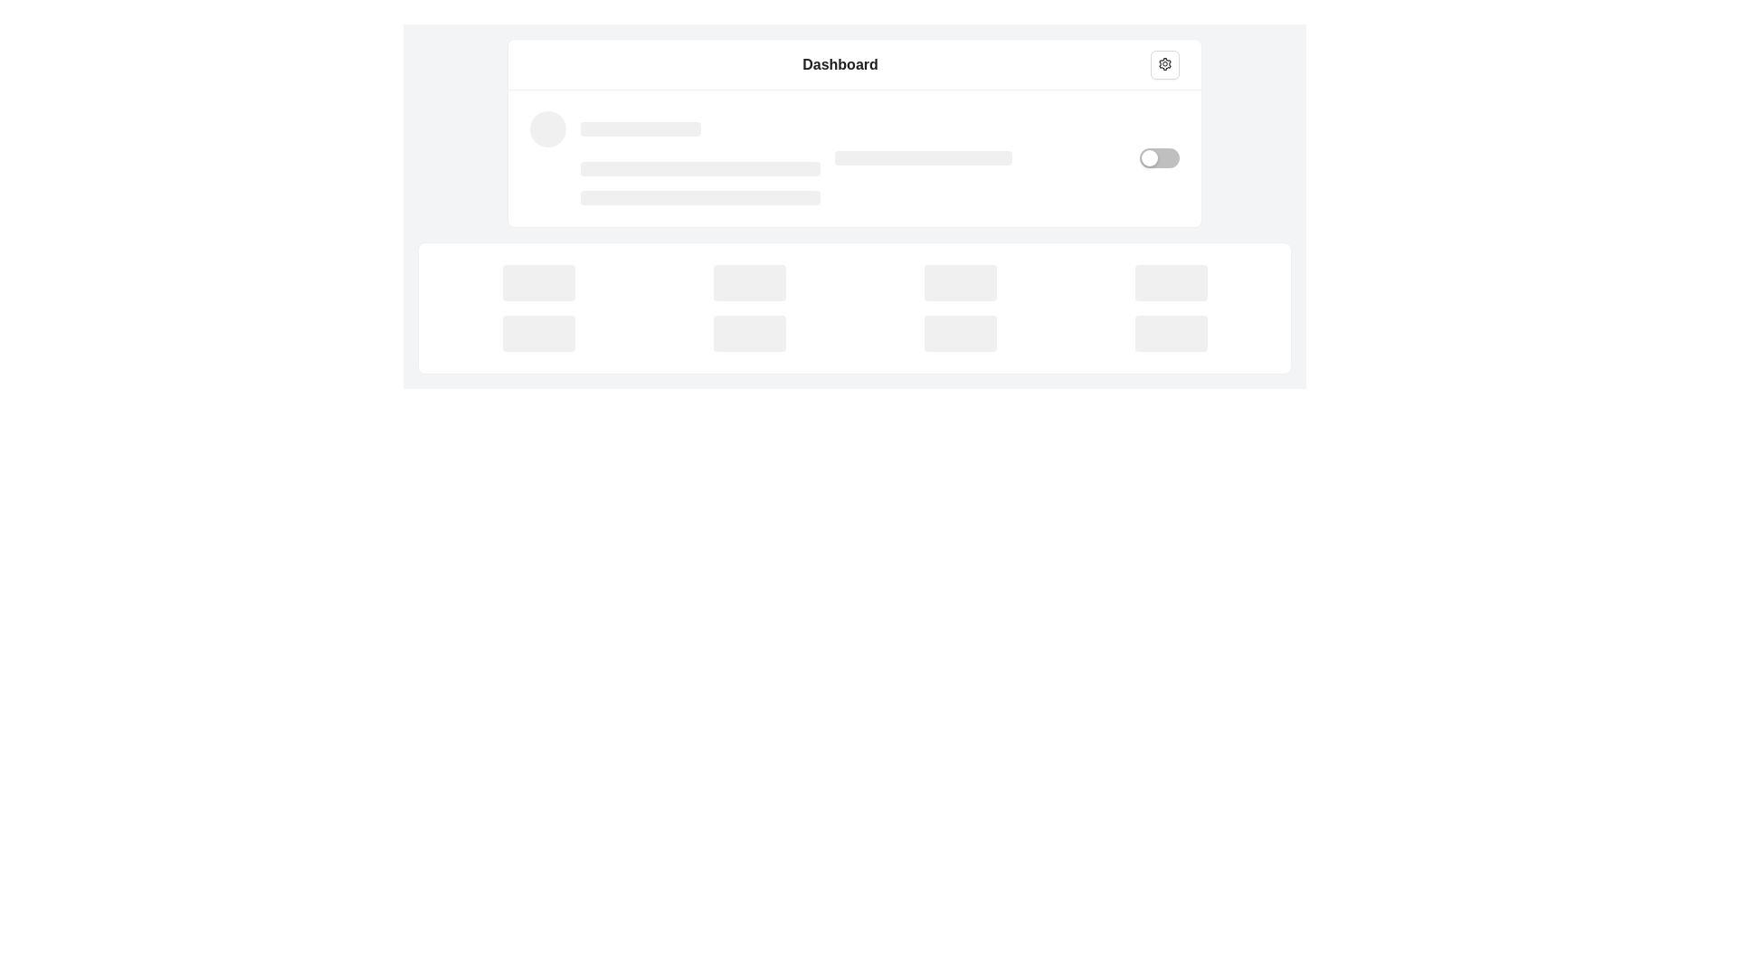 The height and width of the screenshot is (977, 1737). Describe the element at coordinates (1164, 62) in the screenshot. I see `the settings icon located in the top-right corner of the interface` at that location.